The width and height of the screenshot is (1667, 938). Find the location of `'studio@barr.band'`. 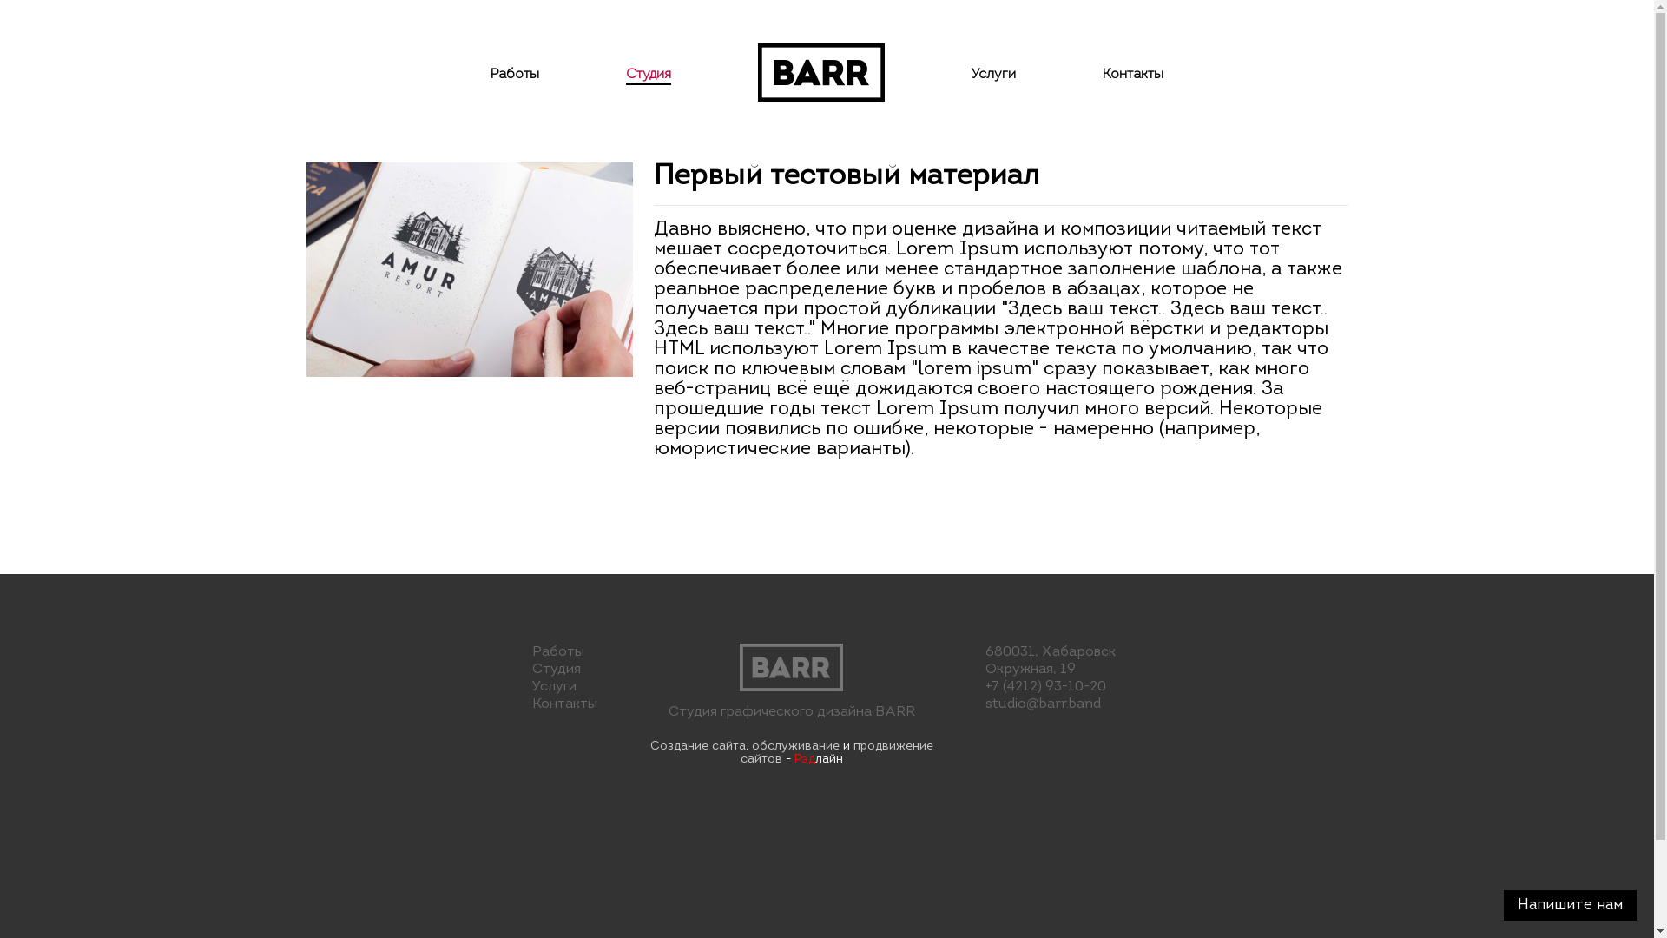

'studio@barr.band' is located at coordinates (1042, 703).